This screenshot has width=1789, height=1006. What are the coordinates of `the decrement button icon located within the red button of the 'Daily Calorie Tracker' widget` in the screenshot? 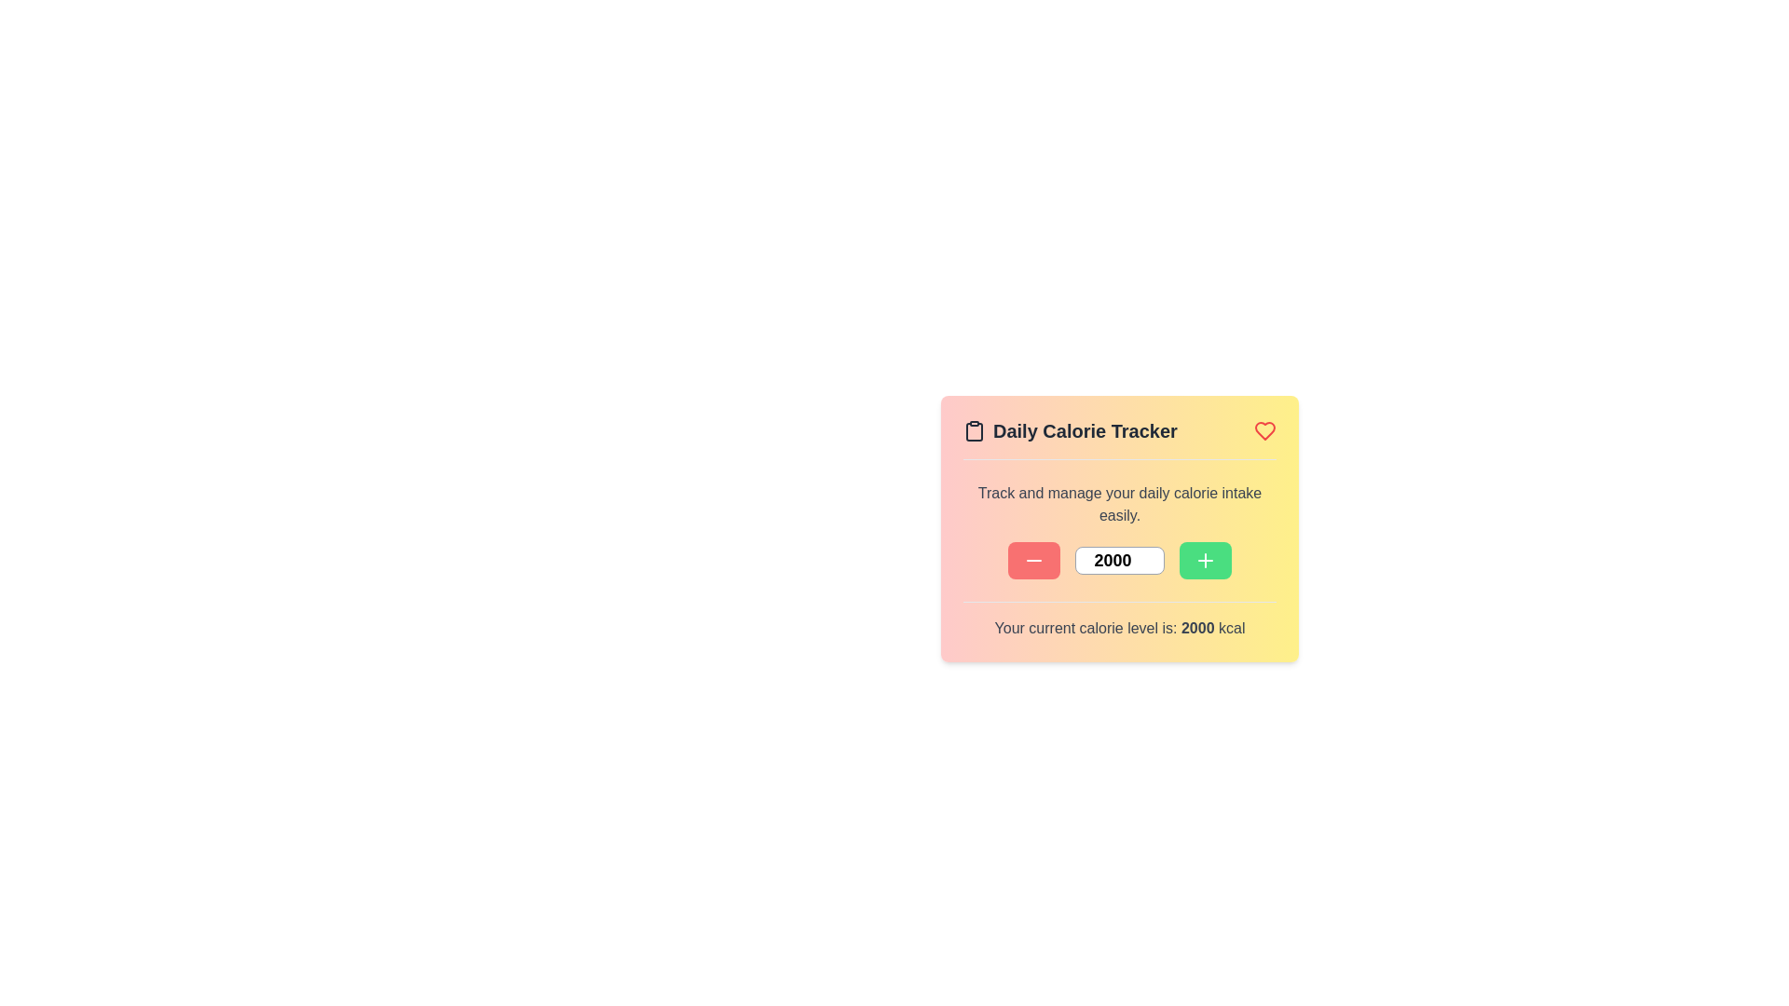 It's located at (1032, 559).